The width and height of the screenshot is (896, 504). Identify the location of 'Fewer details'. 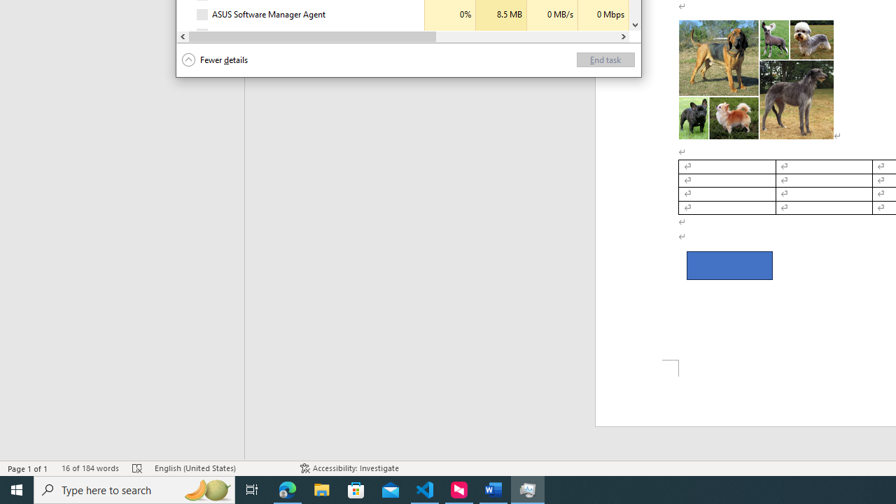
(214, 59).